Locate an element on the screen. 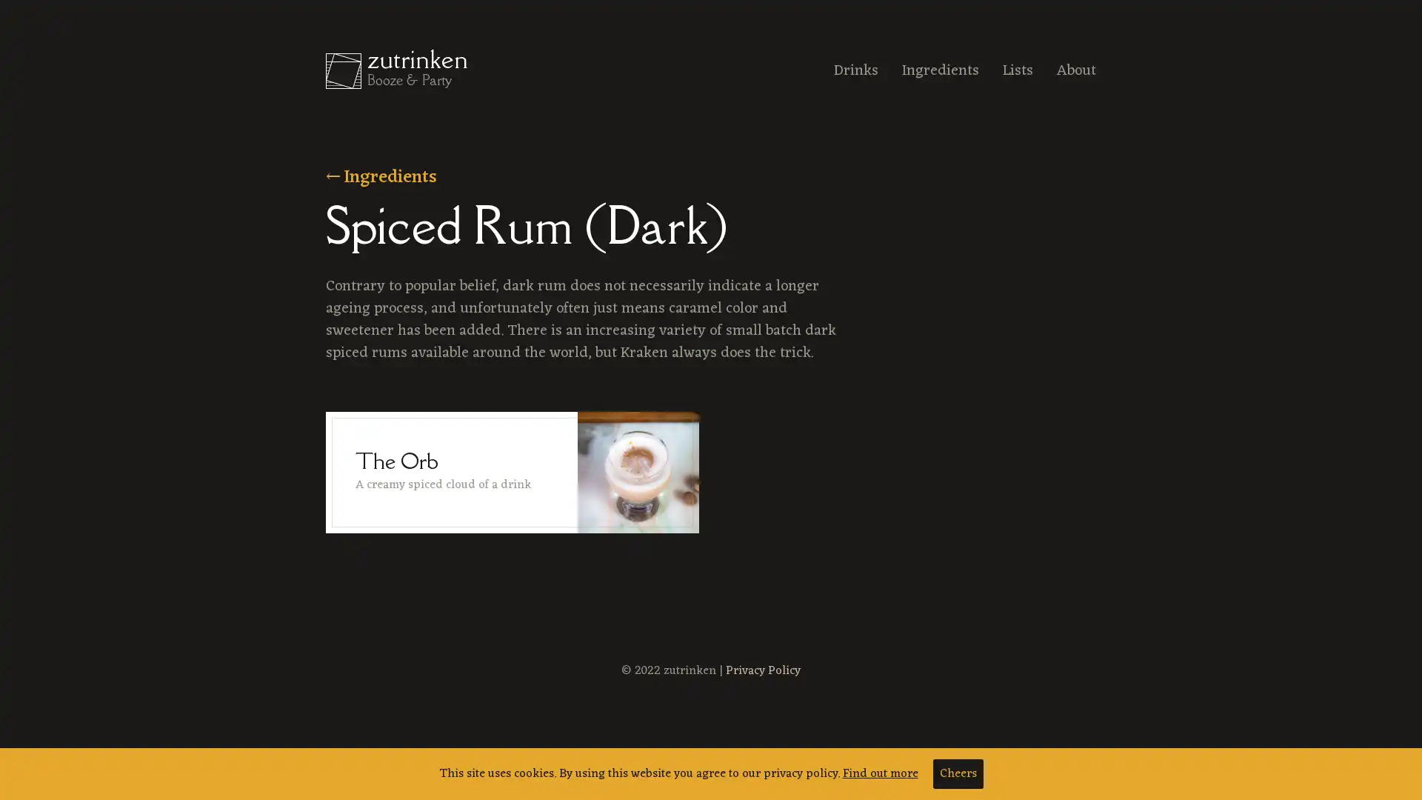 The width and height of the screenshot is (1422, 800). Cheers is located at coordinates (957, 773).